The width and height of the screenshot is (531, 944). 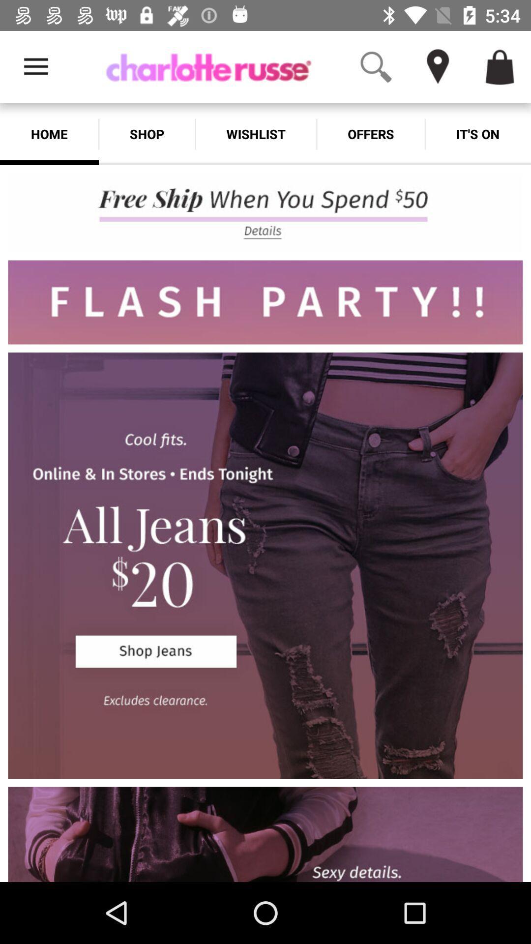 I want to click on the icon next to the shop app, so click(x=255, y=134).